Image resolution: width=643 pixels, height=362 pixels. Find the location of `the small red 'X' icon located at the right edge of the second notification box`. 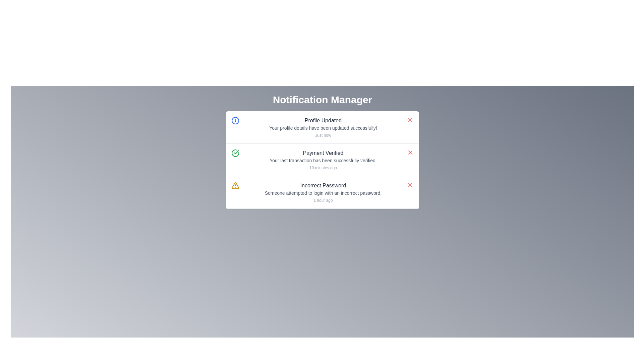

the small red 'X' icon located at the right edge of the second notification box is located at coordinates (410, 153).